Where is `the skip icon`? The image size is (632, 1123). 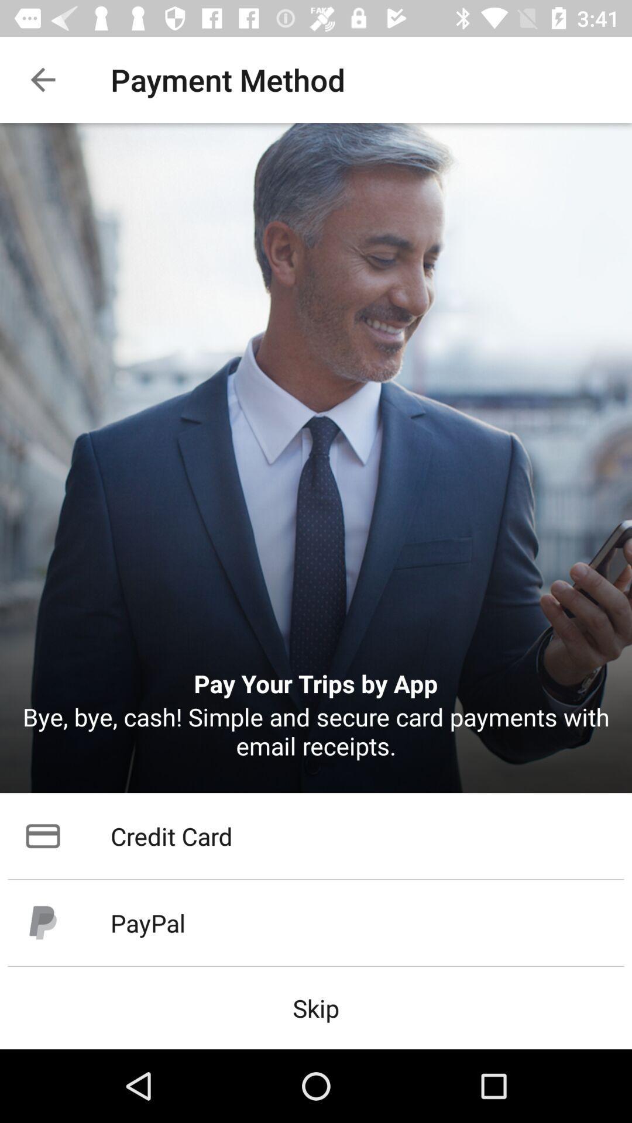 the skip icon is located at coordinates (316, 1007).